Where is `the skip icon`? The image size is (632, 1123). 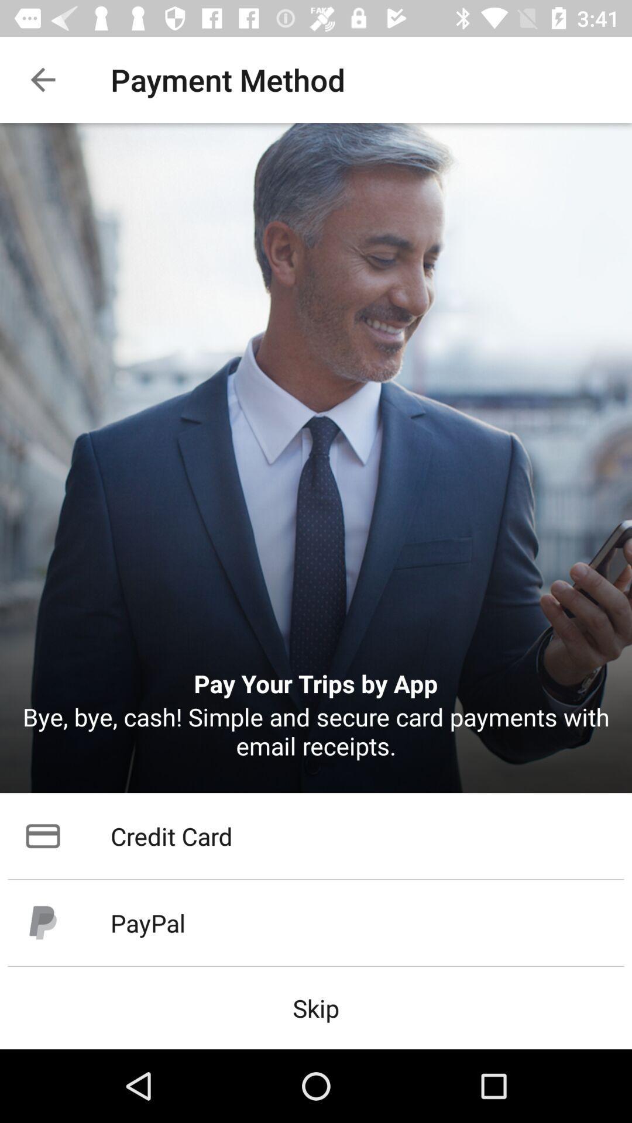 the skip icon is located at coordinates (316, 1007).